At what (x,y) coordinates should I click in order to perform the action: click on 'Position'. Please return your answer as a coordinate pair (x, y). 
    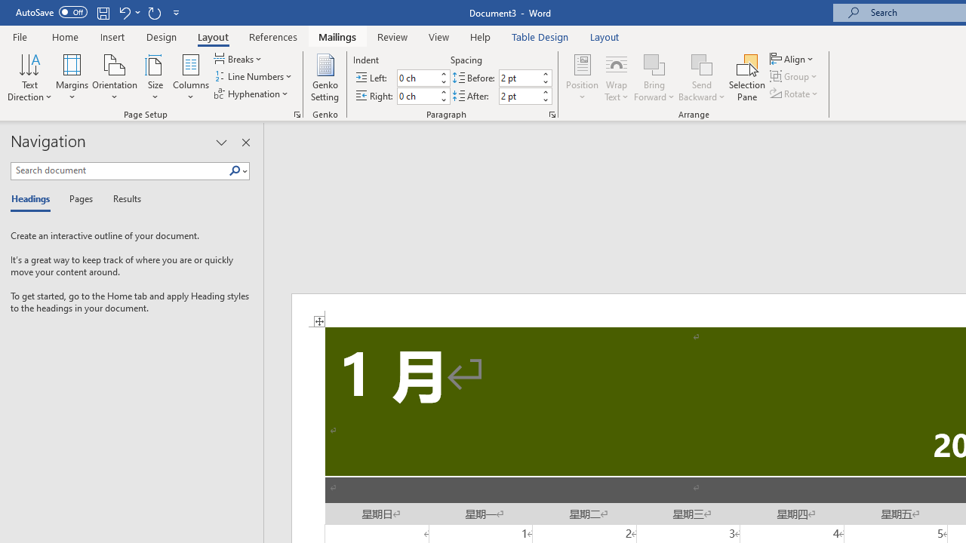
    Looking at the image, I should click on (581, 78).